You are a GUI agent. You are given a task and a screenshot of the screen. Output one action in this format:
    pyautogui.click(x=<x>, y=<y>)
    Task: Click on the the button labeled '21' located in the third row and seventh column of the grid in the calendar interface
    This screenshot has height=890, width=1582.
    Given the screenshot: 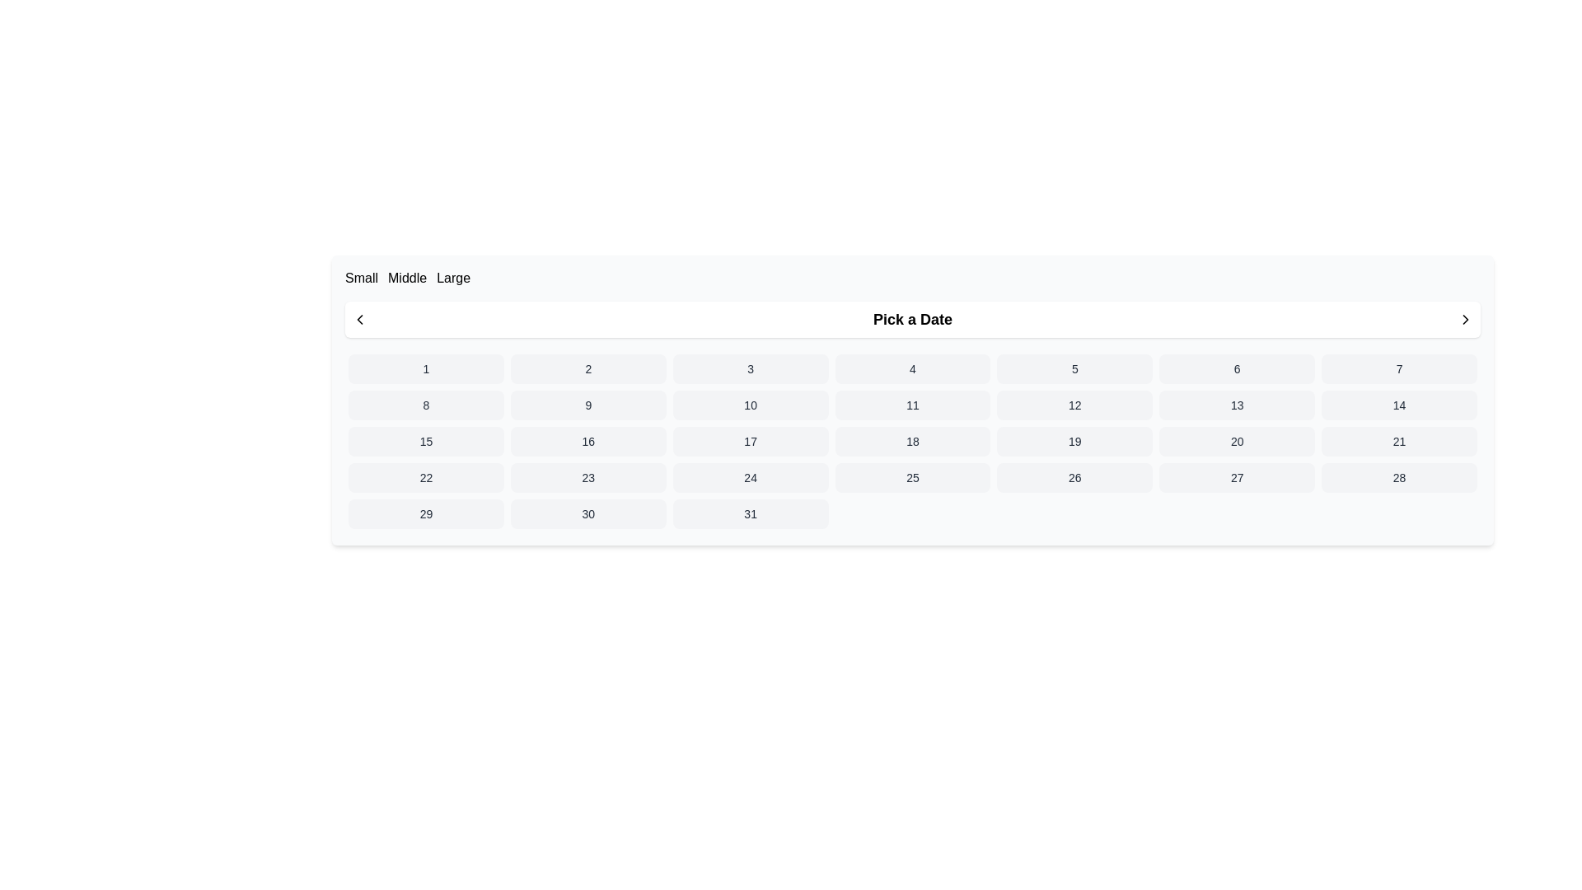 What is the action you would take?
    pyautogui.click(x=1398, y=441)
    